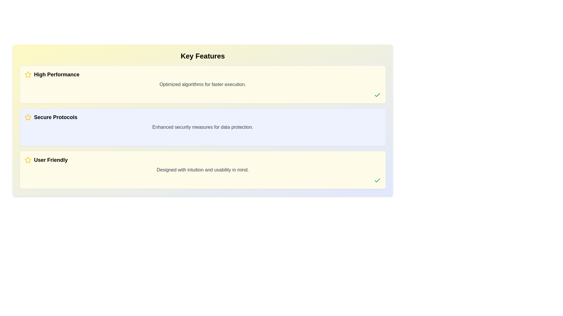 The height and width of the screenshot is (316, 563). What do you see at coordinates (203, 85) in the screenshot?
I see `the feature card corresponding to High Performance` at bounding box center [203, 85].